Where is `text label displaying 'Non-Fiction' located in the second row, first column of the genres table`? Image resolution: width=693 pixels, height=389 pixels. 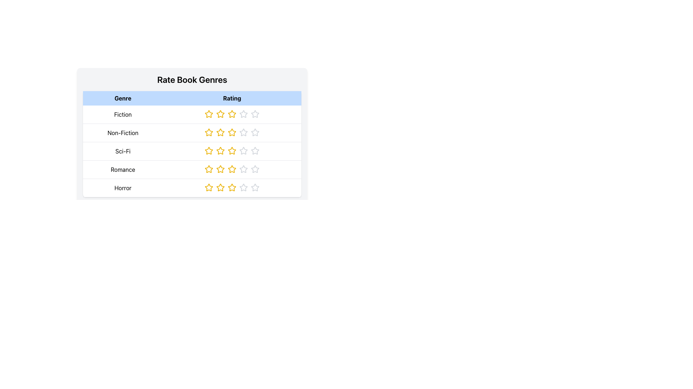 text label displaying 'Non-Fiction' located in the second row, first column of the genres table is located at coordinates (123, 133).